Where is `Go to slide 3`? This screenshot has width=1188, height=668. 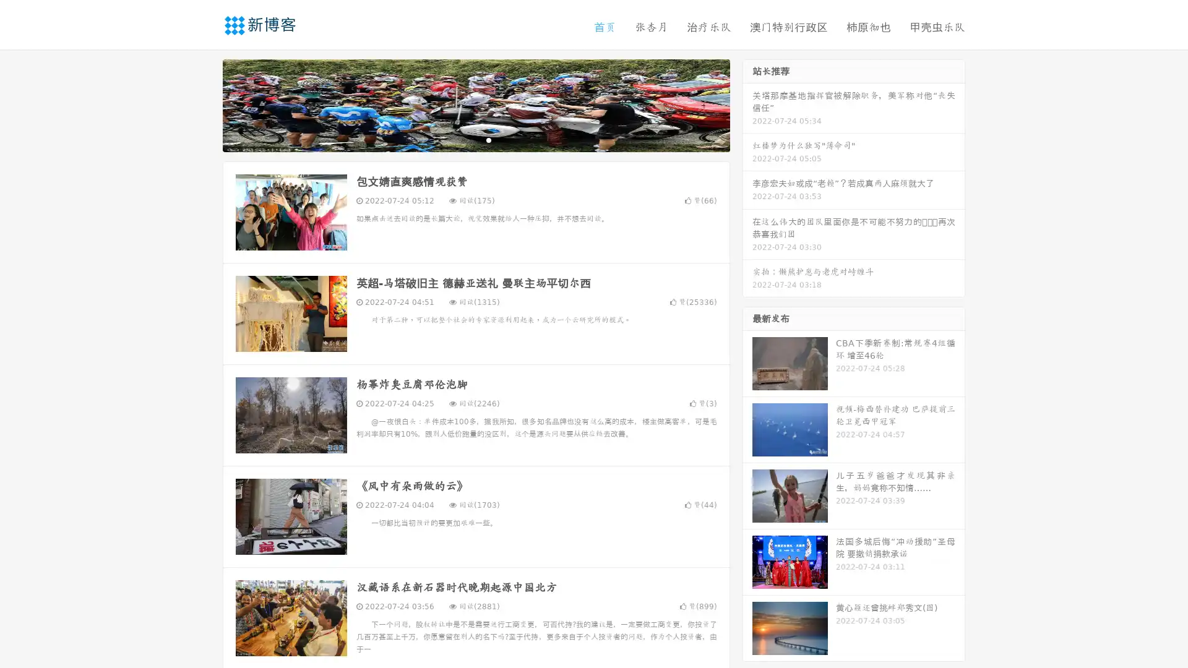
Go to slide 3 is located at coordinates (488, 139).